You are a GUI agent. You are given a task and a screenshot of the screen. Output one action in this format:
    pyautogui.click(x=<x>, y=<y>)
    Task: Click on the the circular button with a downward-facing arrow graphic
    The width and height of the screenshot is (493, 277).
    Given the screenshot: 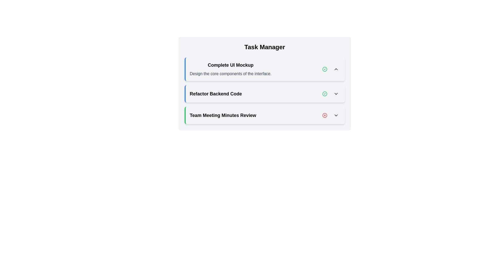 What is the action you would take?
    pyautogui.click(x=336, y=94)
    